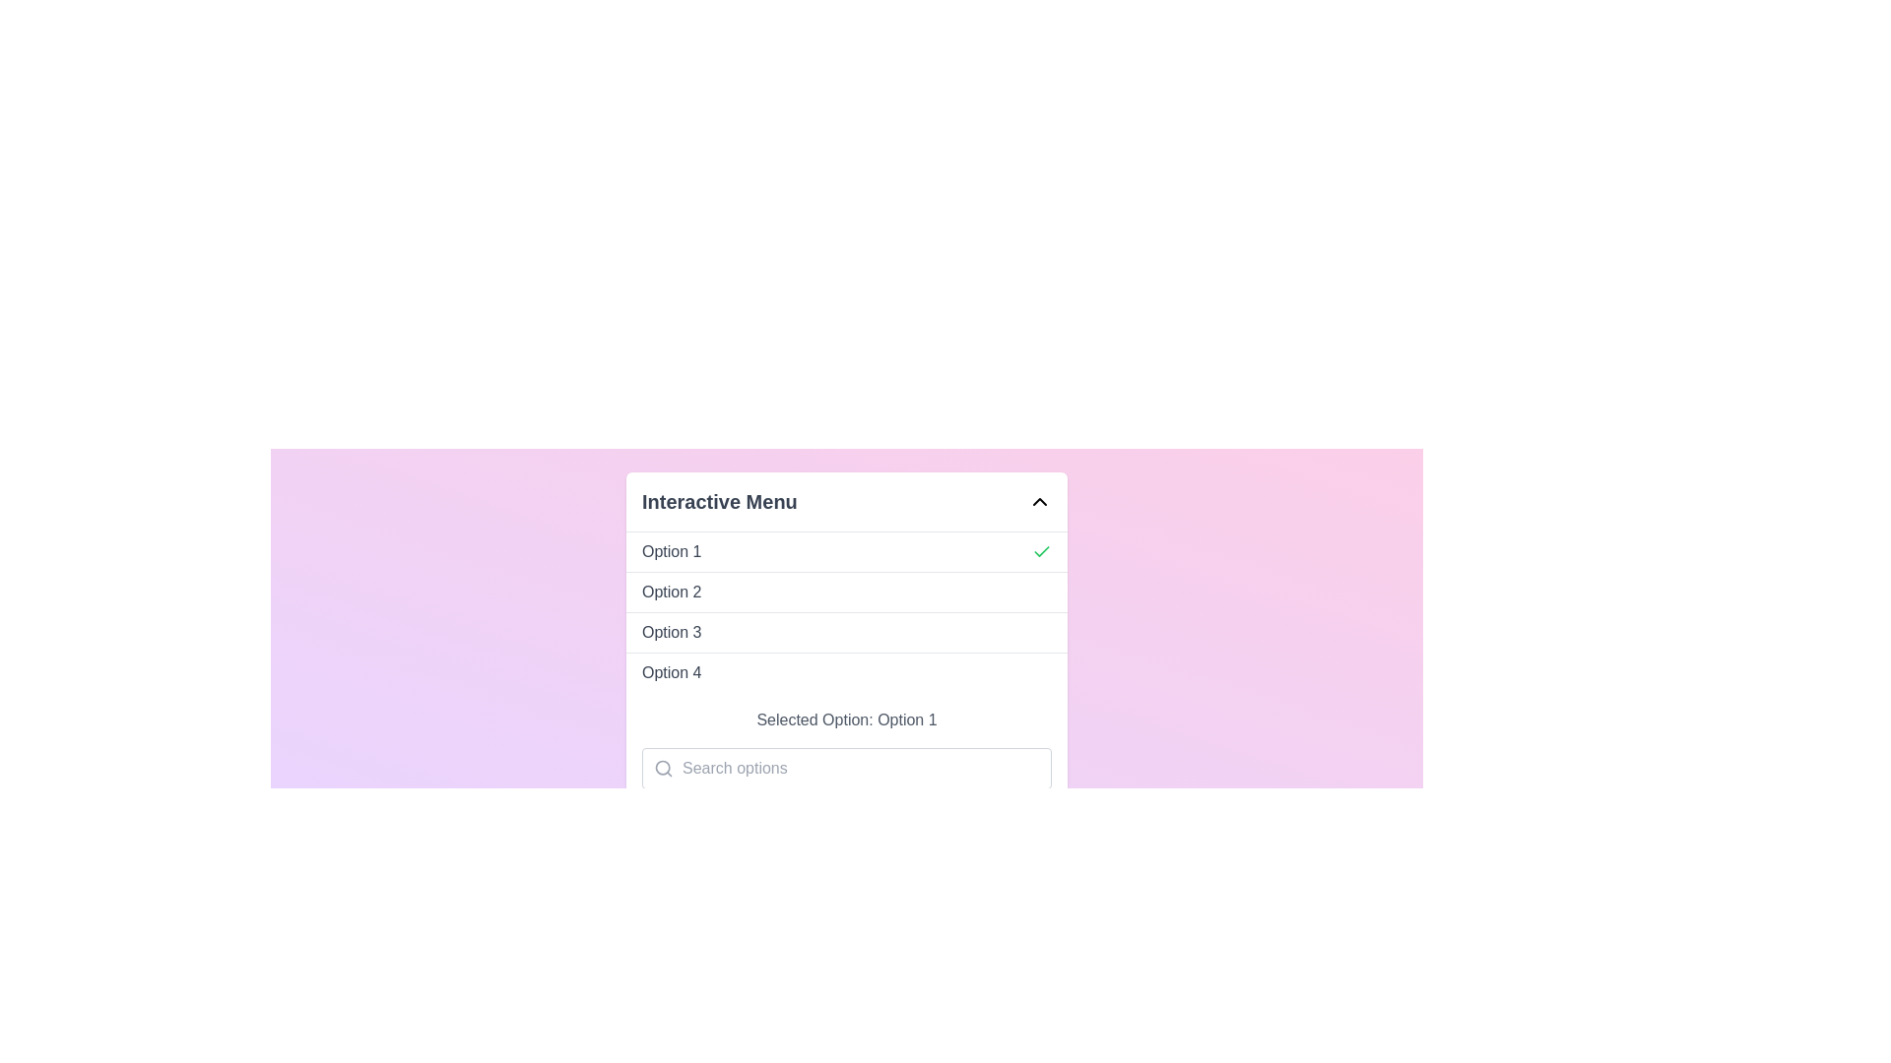 This screenshot has width=1891, height=1063. I want to click on the 'Option 2' menu item, so click(846, 591).